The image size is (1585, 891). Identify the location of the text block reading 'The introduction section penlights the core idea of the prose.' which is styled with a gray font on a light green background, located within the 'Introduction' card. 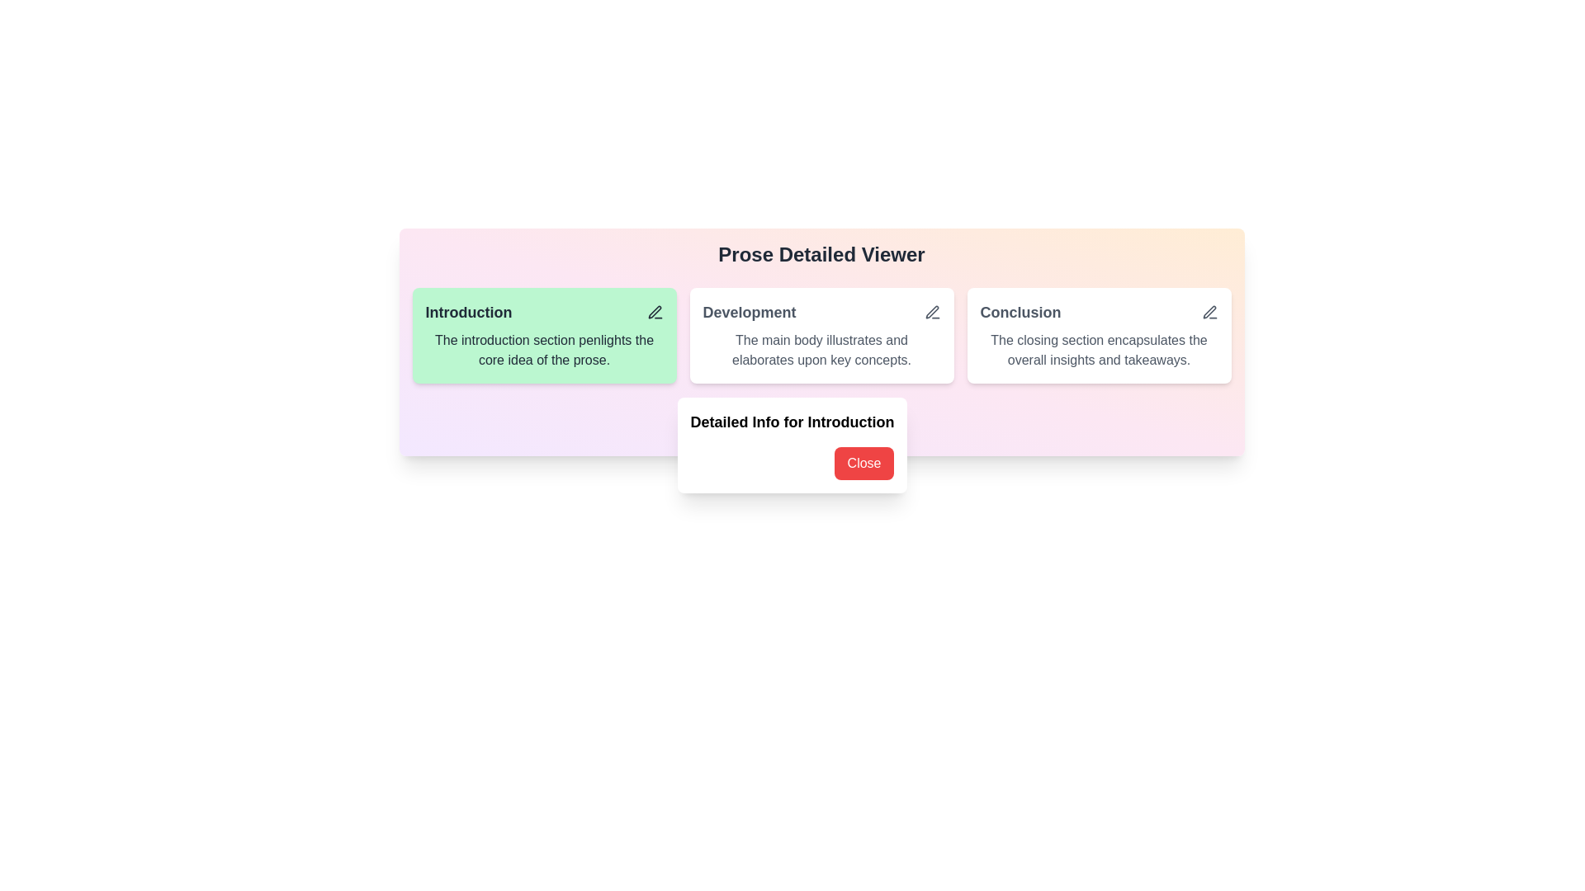
(544, 349).